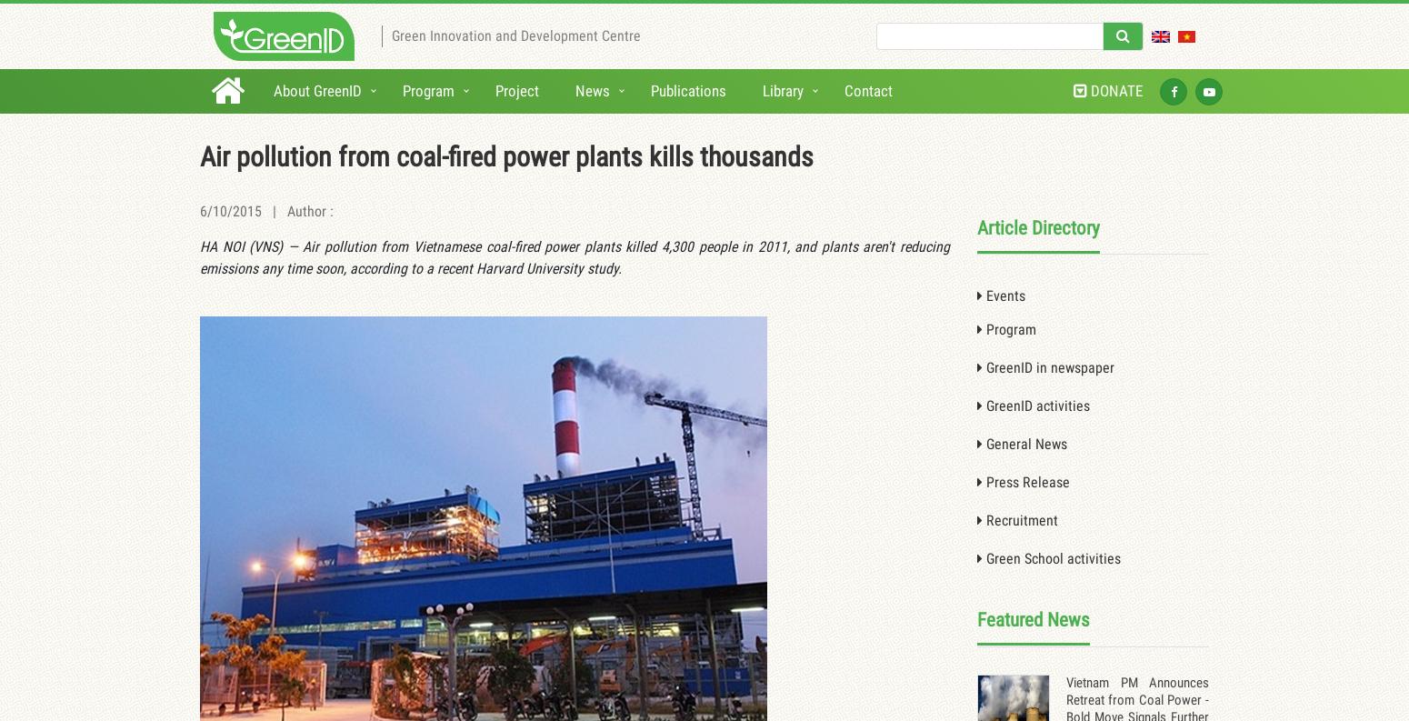 The image size is (1409, 721). I want to click on 'Green School activities', so click(1051, 558).